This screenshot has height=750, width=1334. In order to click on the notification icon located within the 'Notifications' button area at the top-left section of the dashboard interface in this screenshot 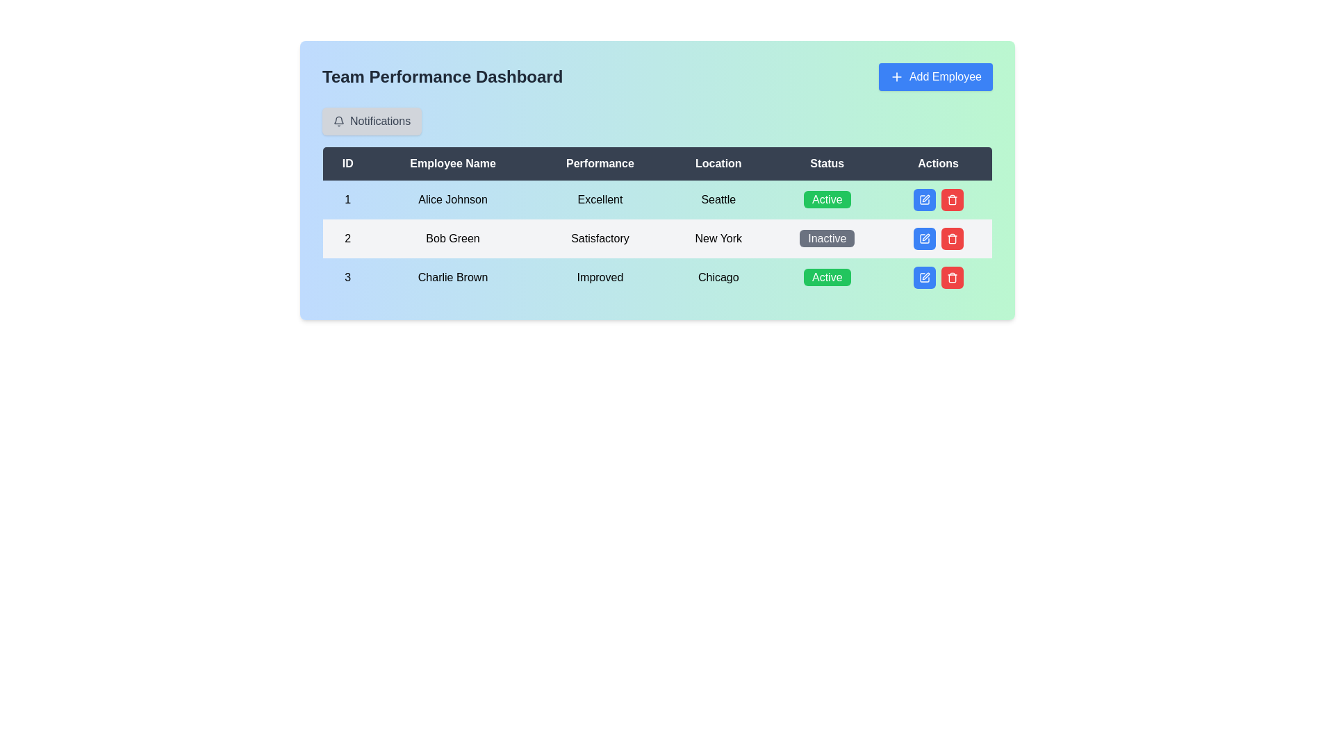, I will do `click(339, 119)`.